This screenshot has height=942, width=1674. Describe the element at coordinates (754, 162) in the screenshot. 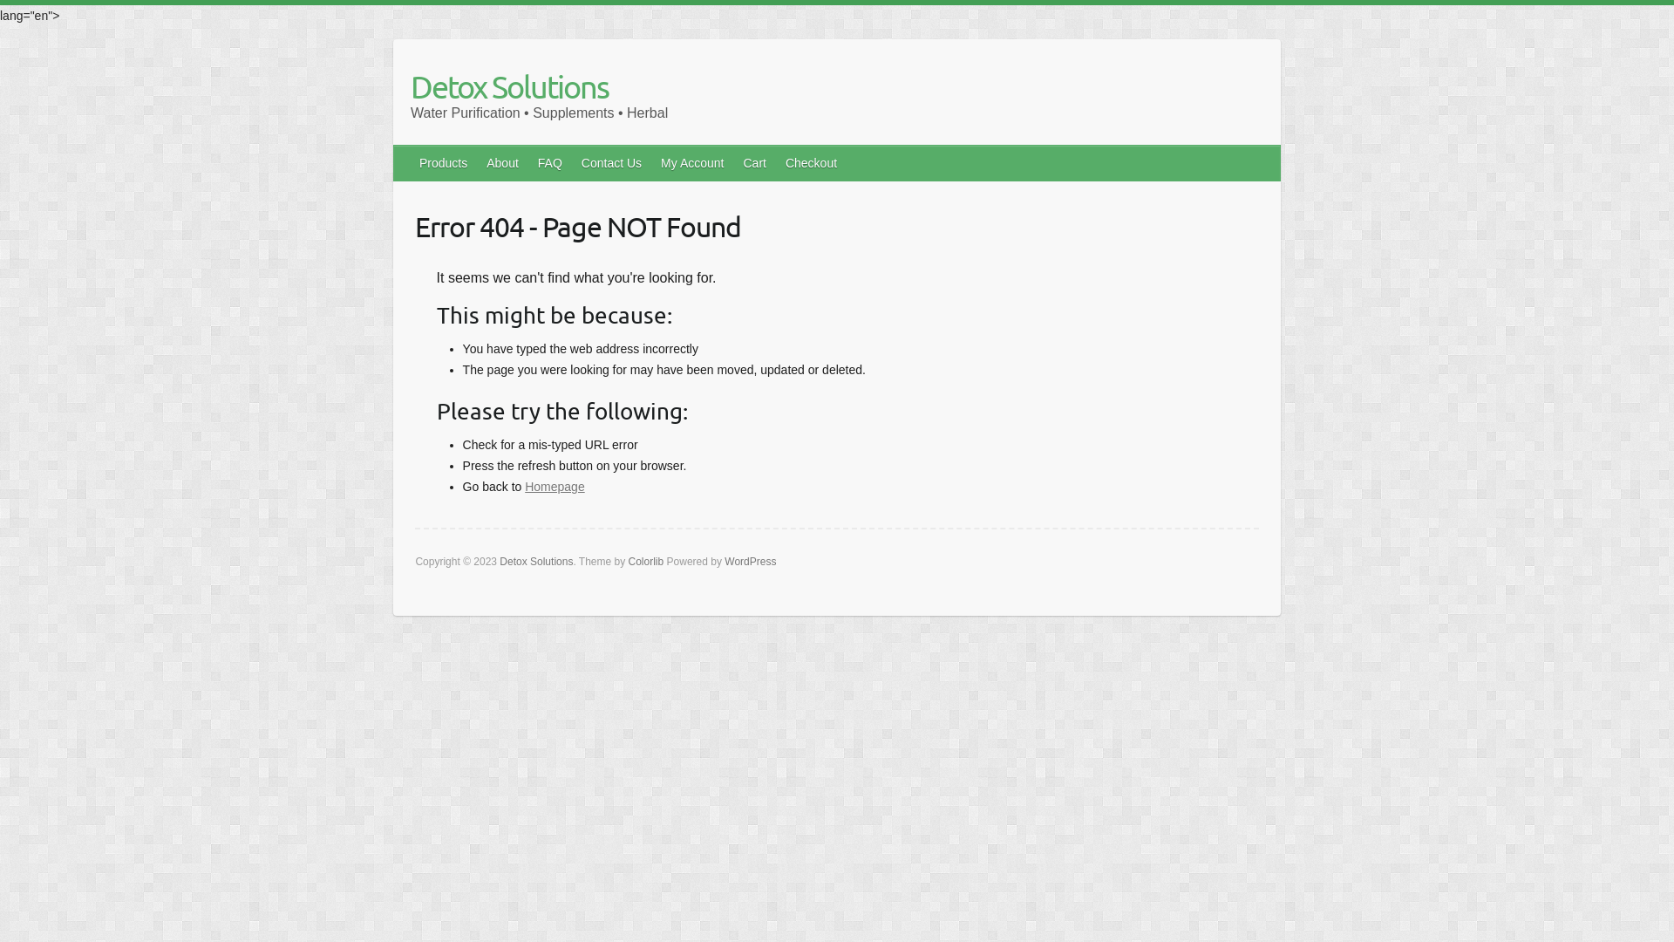

I see `'Cart'` at that location.